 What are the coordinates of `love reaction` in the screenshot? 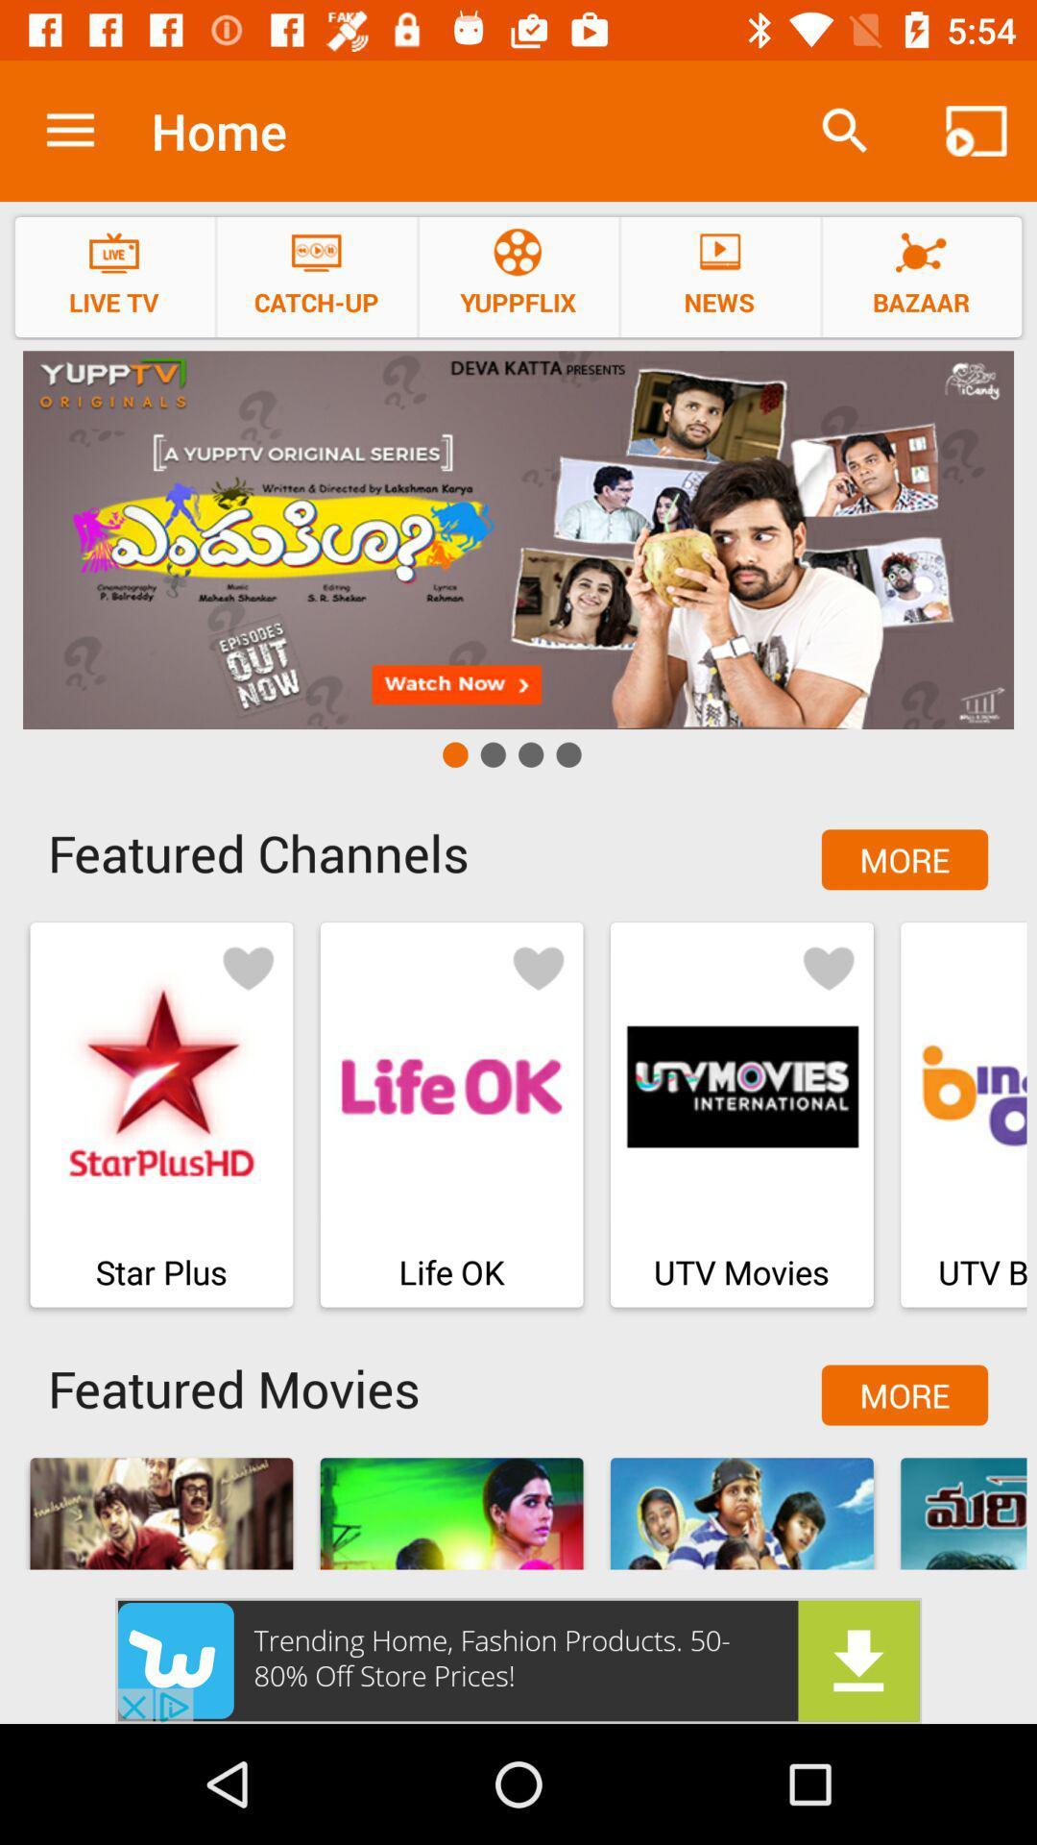 It's located at (538, 967).